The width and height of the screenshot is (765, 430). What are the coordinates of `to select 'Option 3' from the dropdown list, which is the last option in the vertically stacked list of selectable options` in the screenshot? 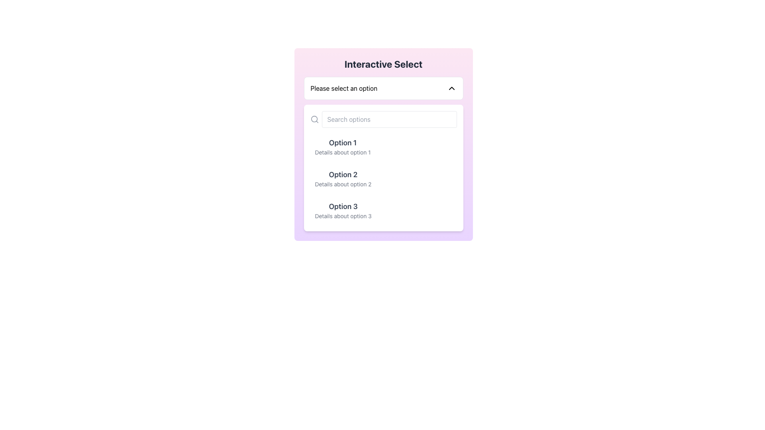 It's located at (383, 210).